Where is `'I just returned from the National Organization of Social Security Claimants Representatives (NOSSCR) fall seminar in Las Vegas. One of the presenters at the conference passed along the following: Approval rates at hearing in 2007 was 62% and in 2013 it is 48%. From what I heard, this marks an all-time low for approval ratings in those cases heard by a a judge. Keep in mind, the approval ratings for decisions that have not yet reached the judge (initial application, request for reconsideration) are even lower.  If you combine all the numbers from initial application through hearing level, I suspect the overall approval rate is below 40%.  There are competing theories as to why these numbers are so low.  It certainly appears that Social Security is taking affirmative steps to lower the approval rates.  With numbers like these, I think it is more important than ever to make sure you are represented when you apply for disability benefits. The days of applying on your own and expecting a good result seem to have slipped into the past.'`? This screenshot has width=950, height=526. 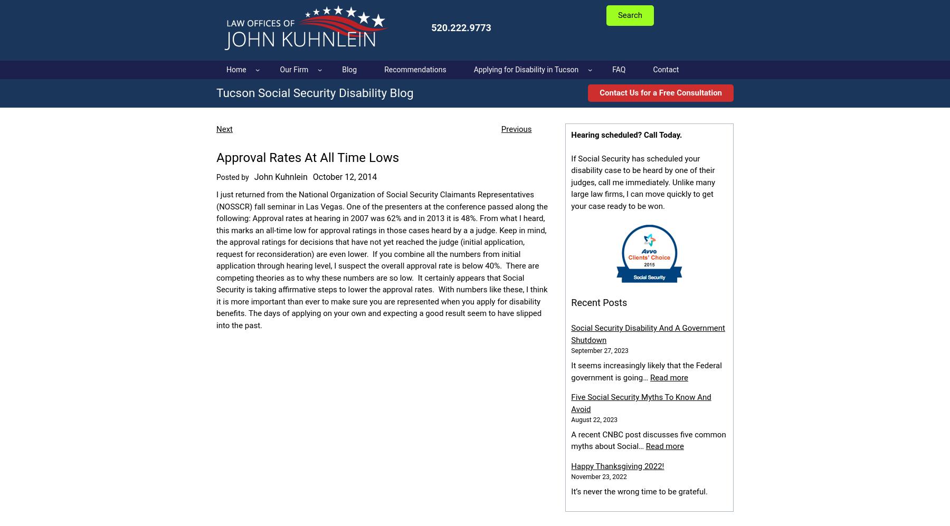 'I just returned from the National Organization of Social Security Claimants Representatives (NOSSCR) fall seminar in Las Vegas. One of the presenters at the conference passed along the following: Approval rates at hearing in 2007 was 62% and in 2013 it is 48%. From what I heard, this marks an all-time low for approval ratings in those cases heard by a a judge. Keep in mind, the approval ratings for decisions that have not yet reached the judge (initial application, request for reconsideration) are even lower.  If you combine all the numbers from initial application through hearing level, I suspect the overall approval rate is below 40%.  There are competing theories as to why these numbers are so low.  It certainly appears that Social Security is taking affirmative steps to lower the approval rates.  With numbers like these, I think it is more important than ever to make sure you are represented when you apply for disability benefits. The days of applying on your own and expecting a good result seem to have slipped into the past.' is located at coordinates (381, 260).